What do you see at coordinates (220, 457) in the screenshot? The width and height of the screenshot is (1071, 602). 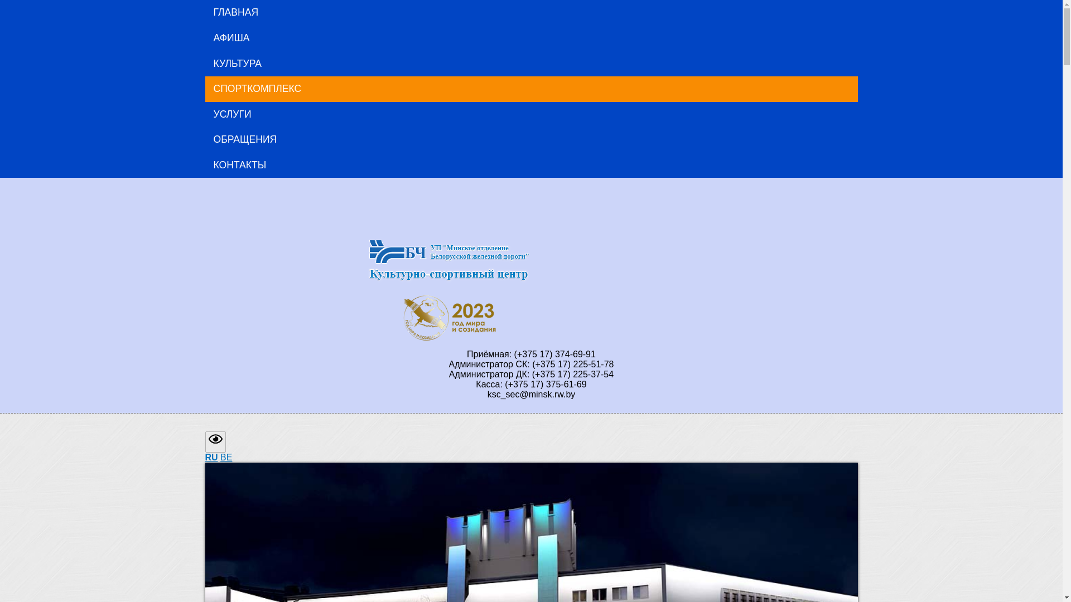 I see `'BE'` at bounding box center [220, 457].